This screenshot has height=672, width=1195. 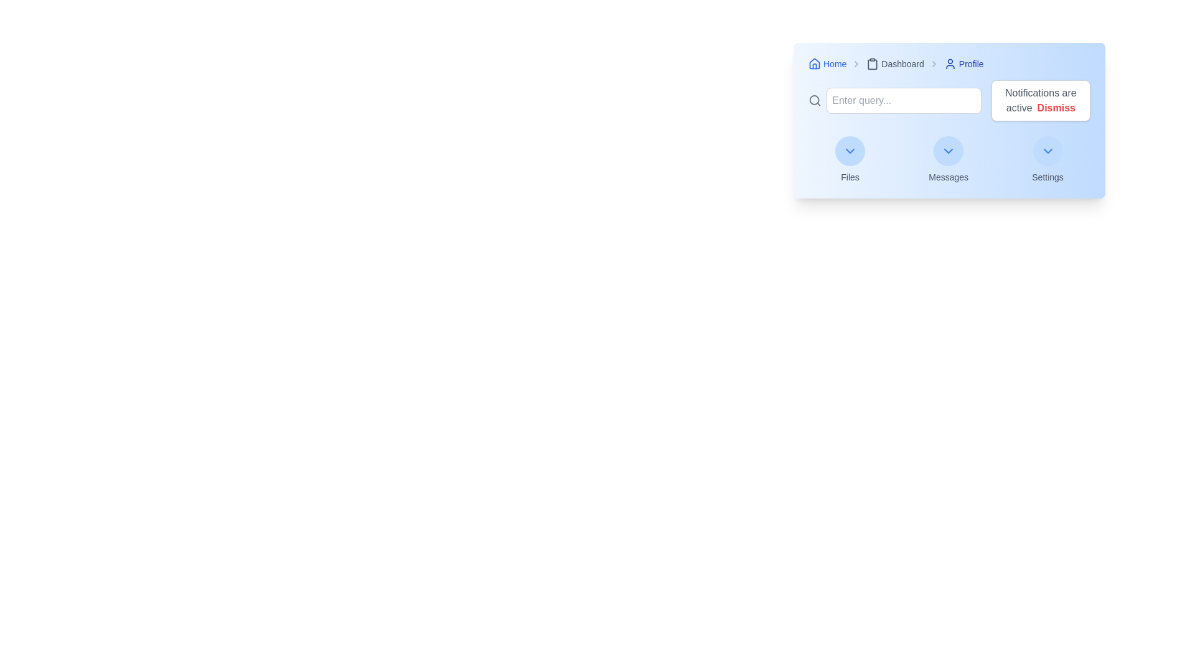 What do you see at coordinates (934, 64) in the screenshot?
I see `the third chevron icon in the breadcrumb navigation bar that separates 'Dashboard' and 'Profile'` at bounding box center [934, 64].